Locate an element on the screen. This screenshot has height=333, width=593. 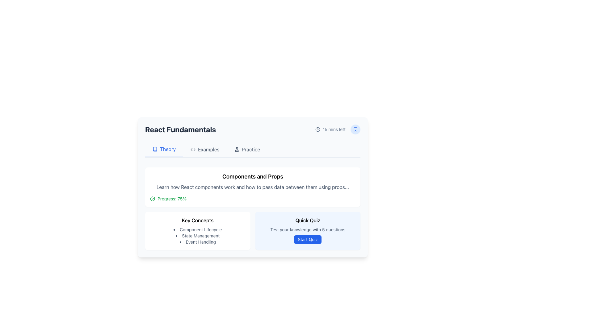
the static text label providing context about the quiz, located within the 'Quick Quiz' section, directly above the 'Start Quiz' button is located at coordinates (308, 229).